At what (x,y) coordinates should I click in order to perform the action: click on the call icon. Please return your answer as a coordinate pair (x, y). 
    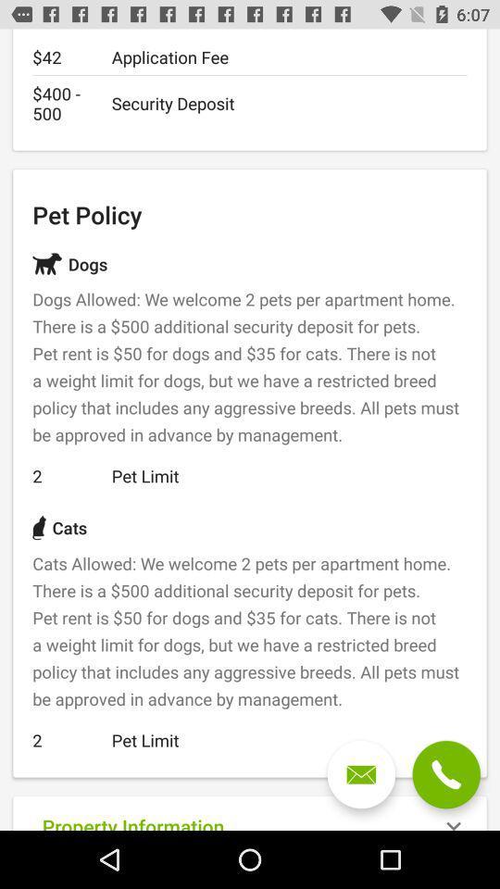
    Looking at the image, I should click on (445, 774).